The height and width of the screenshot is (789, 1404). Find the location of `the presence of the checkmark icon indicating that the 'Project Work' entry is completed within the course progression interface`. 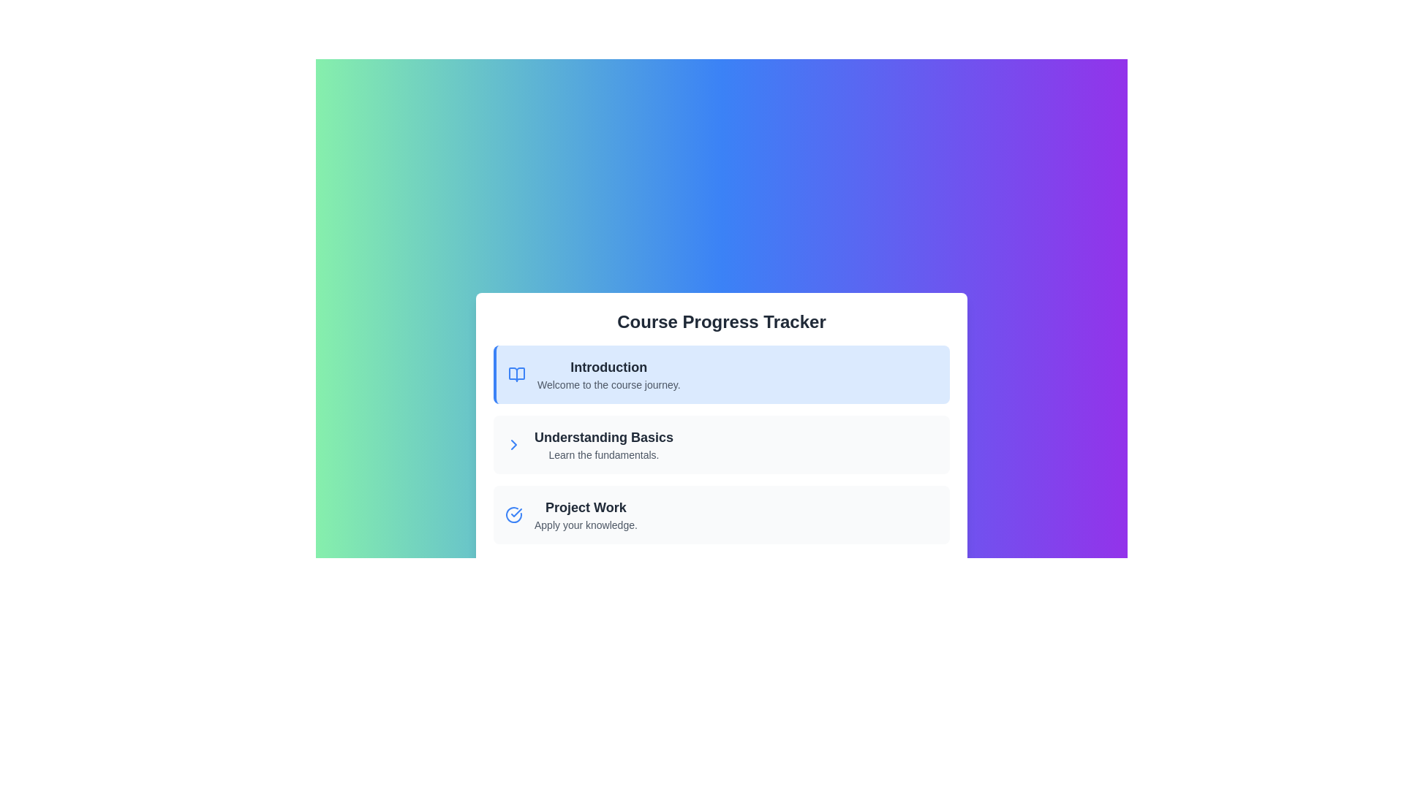

the presence of the checkmark icon indicating that the 'Project Work' entry is completed within the course progression interface is located at coordinates (516, 512).